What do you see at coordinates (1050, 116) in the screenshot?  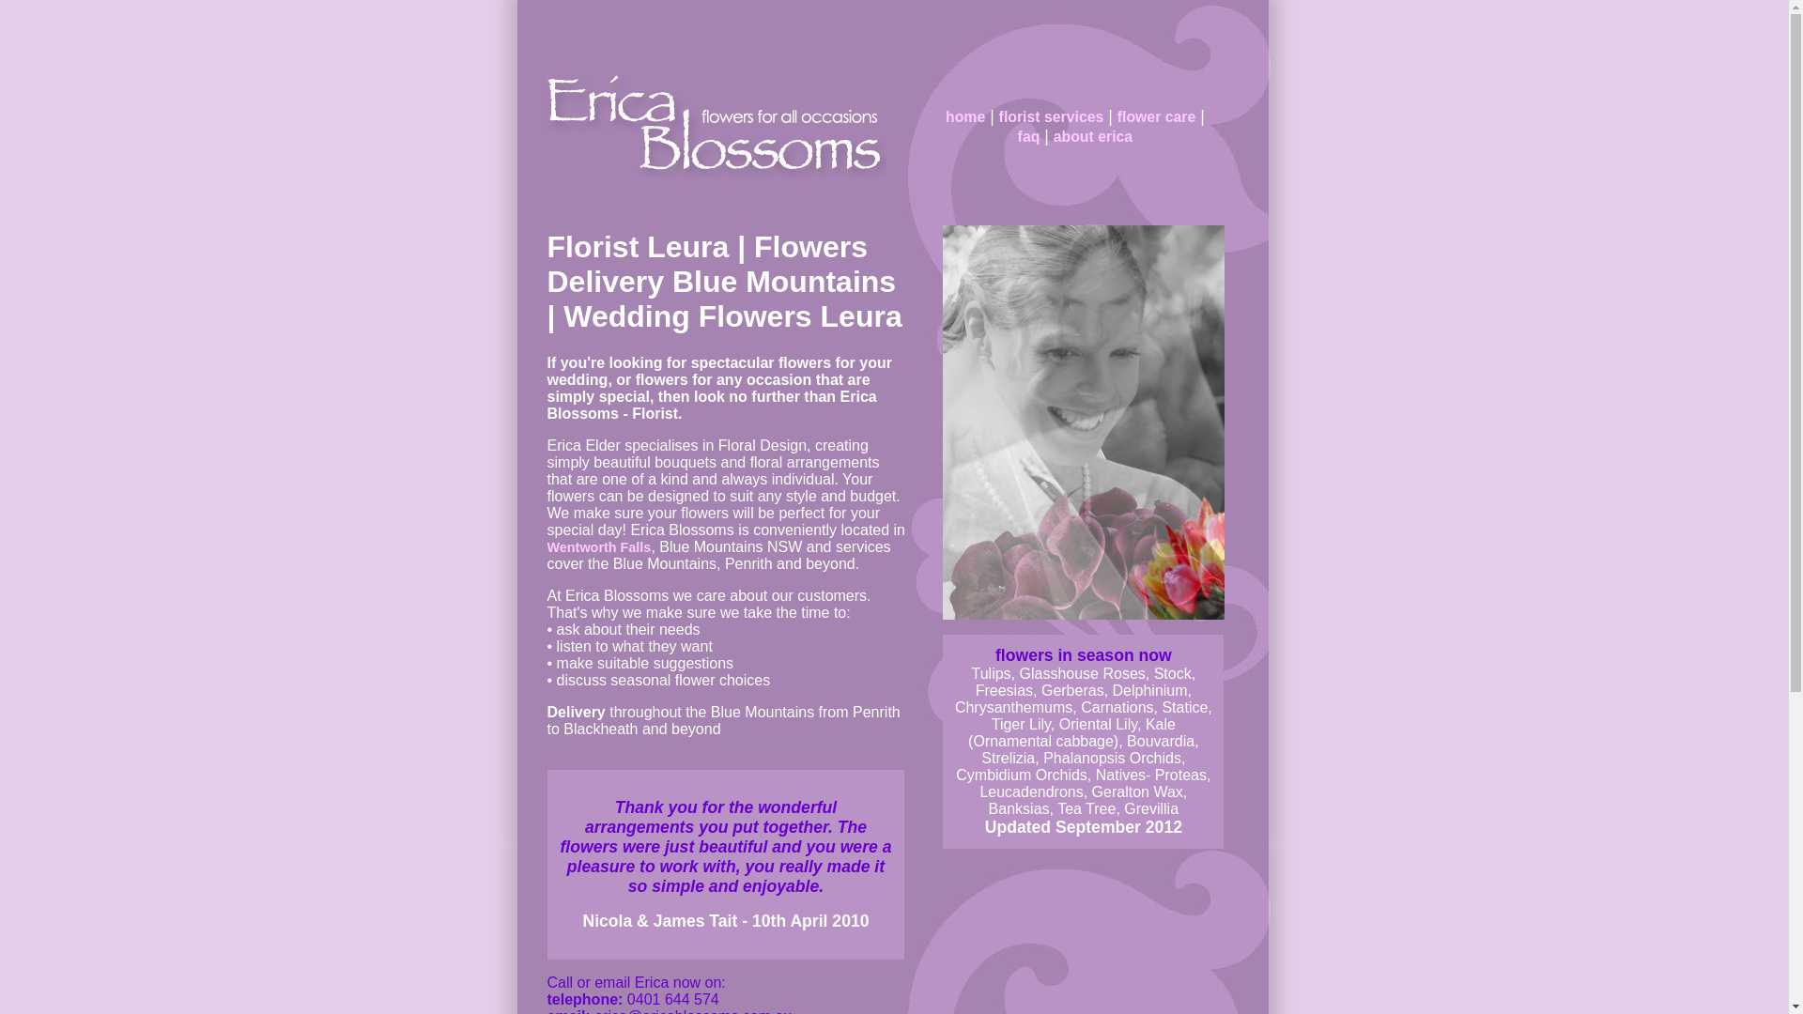 I see `'florist services'` at bounding box center [1050, 116].